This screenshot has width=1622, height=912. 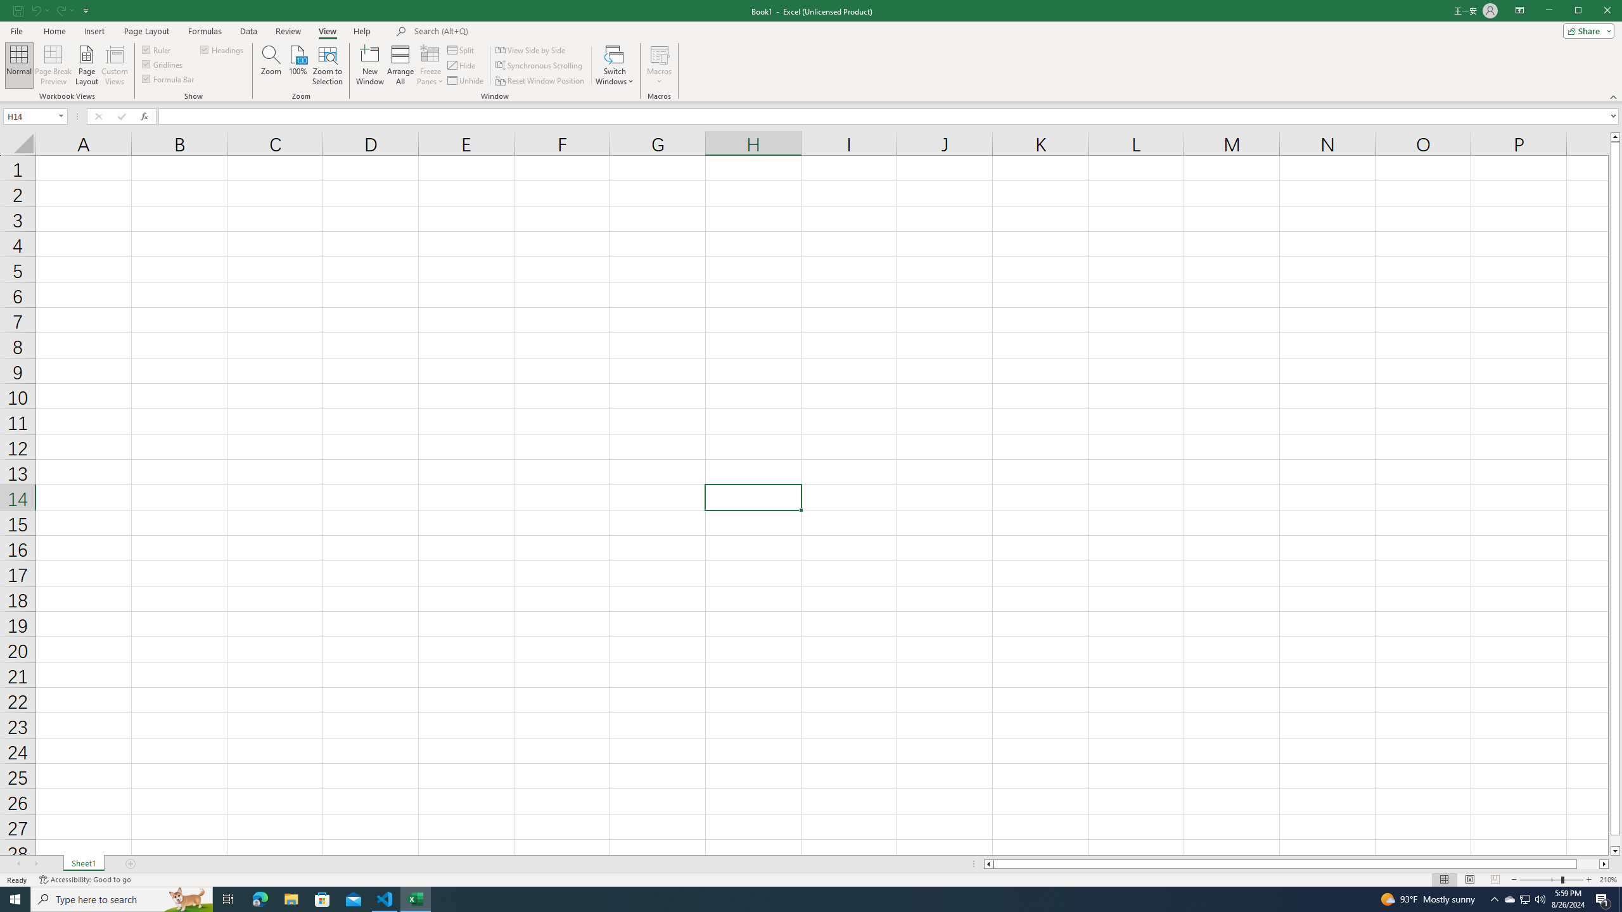 I want to click on 'Reset Window Position', so click(x=540, y=80).